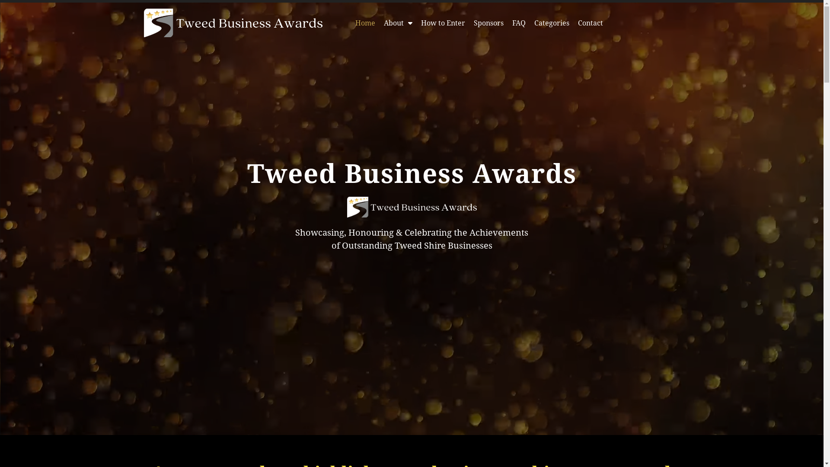  What do you see at coordinates (488, 22) in the screenshot?
I see `'Sponsors'` at bounding box center [488, 22].